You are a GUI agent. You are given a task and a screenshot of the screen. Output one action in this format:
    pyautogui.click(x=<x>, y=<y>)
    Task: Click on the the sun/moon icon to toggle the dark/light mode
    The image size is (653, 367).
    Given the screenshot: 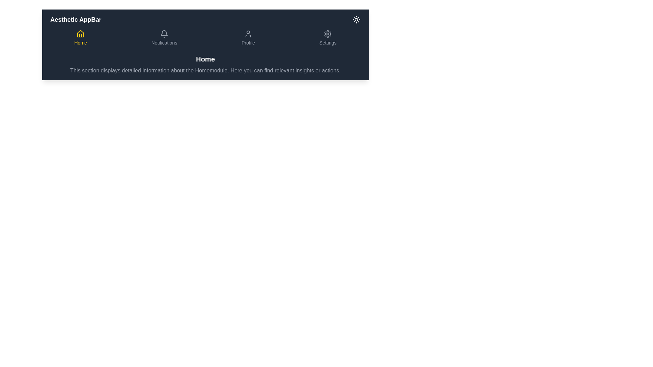 What is the action you would take?
    pyautogui.click(x=356, y=19)
    